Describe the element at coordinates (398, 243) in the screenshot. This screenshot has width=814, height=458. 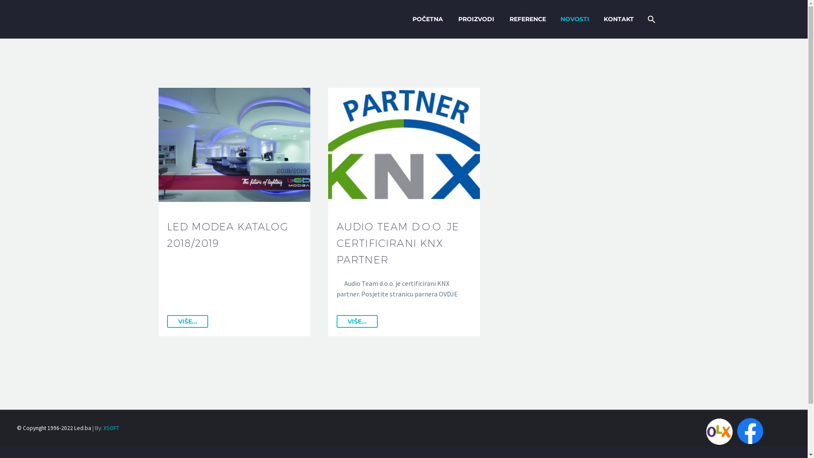
I see `'AUDIO TEAM D.O.O. JE CERTIFICIRANI KNX PARTNER.'` at that location.